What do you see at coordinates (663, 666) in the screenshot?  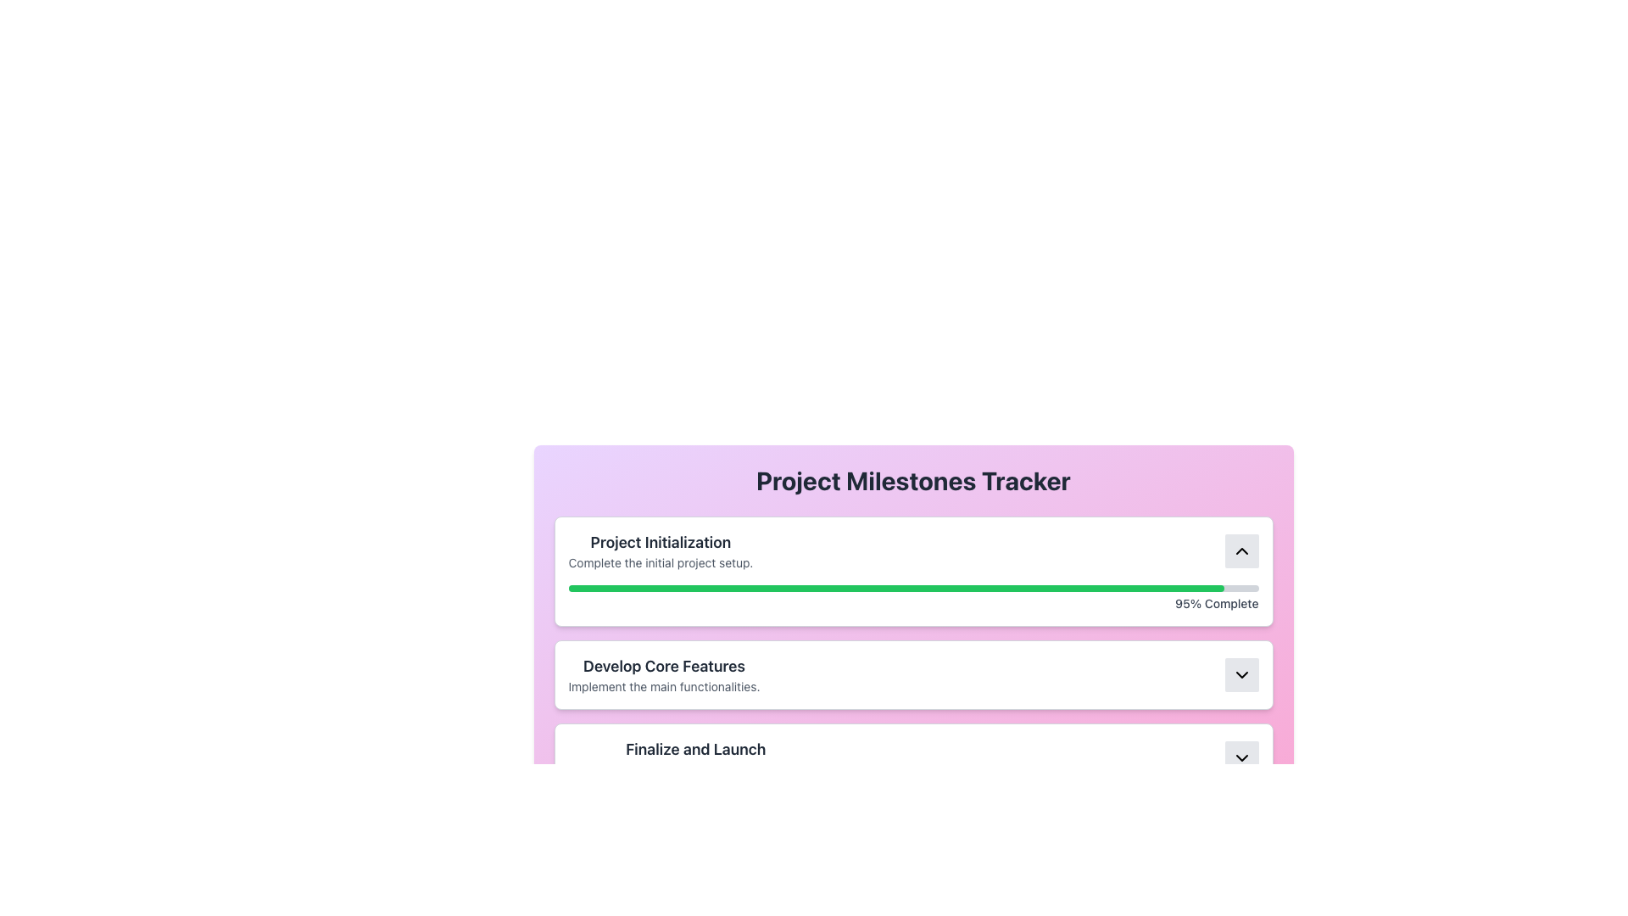 I see `the prominently styled text label reading 'Develop Core Features', which is a bold header aligned above a smaller descriptive text in a dark gray color` at bounding box center [663, 666].